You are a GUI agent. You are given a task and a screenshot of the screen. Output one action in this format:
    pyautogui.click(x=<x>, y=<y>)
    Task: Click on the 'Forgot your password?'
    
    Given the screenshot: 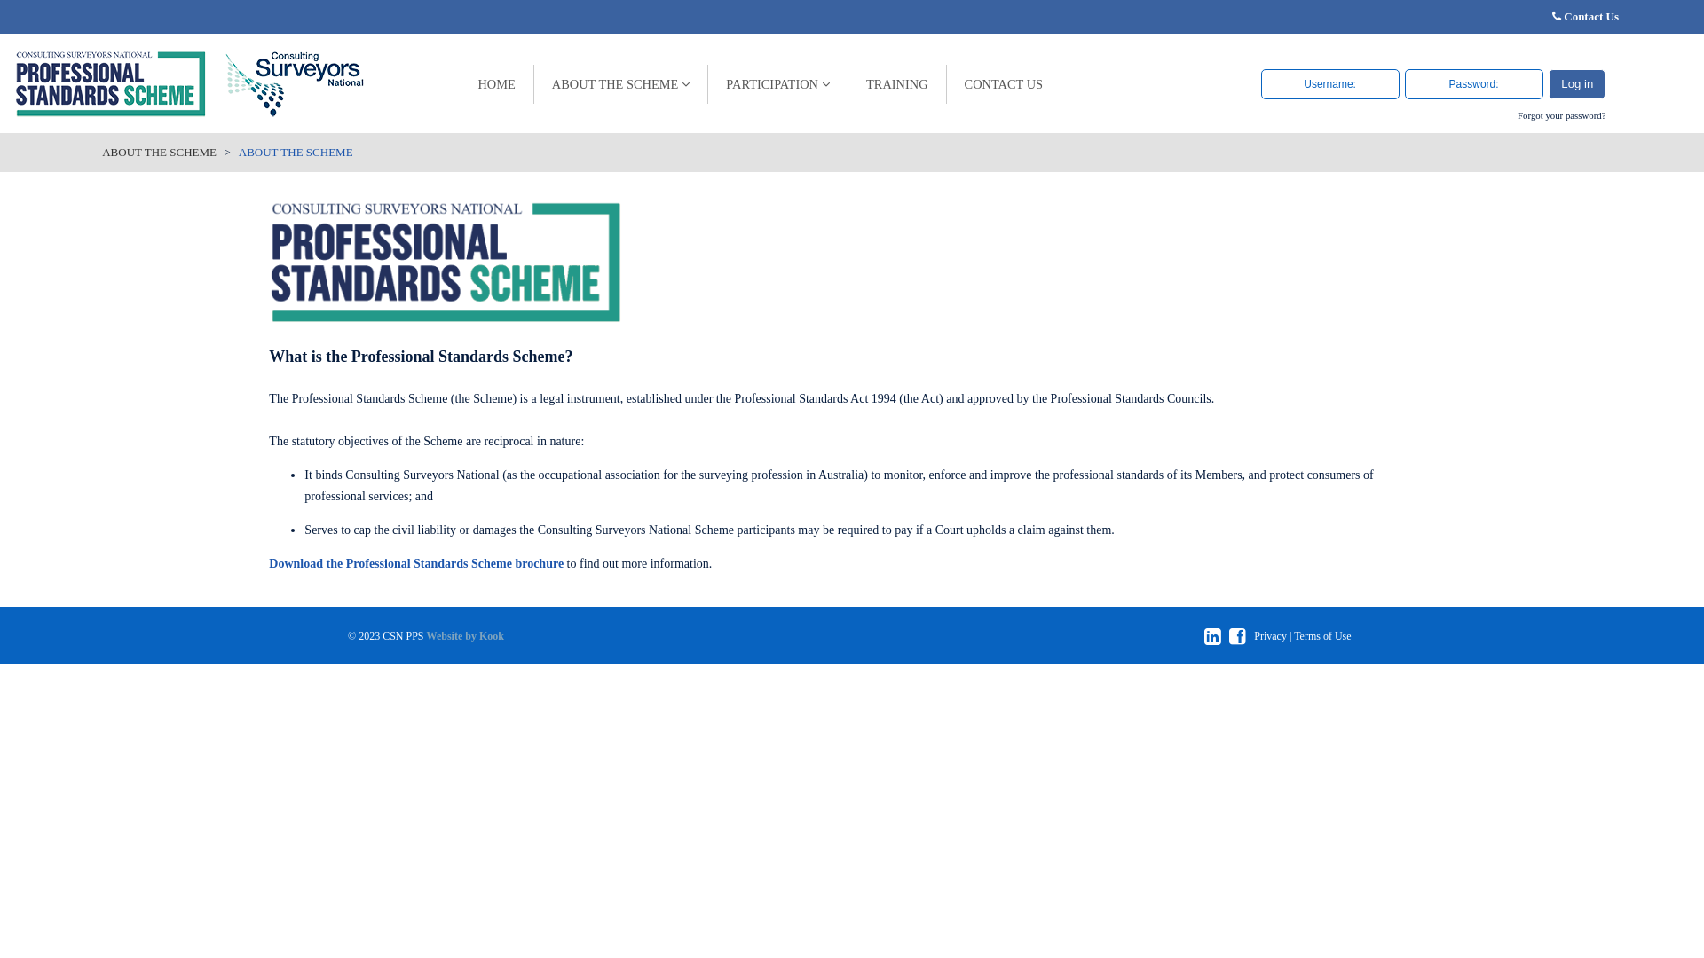 What is the action you would take?
    pyautogui.click(x=1560, y=115)
    